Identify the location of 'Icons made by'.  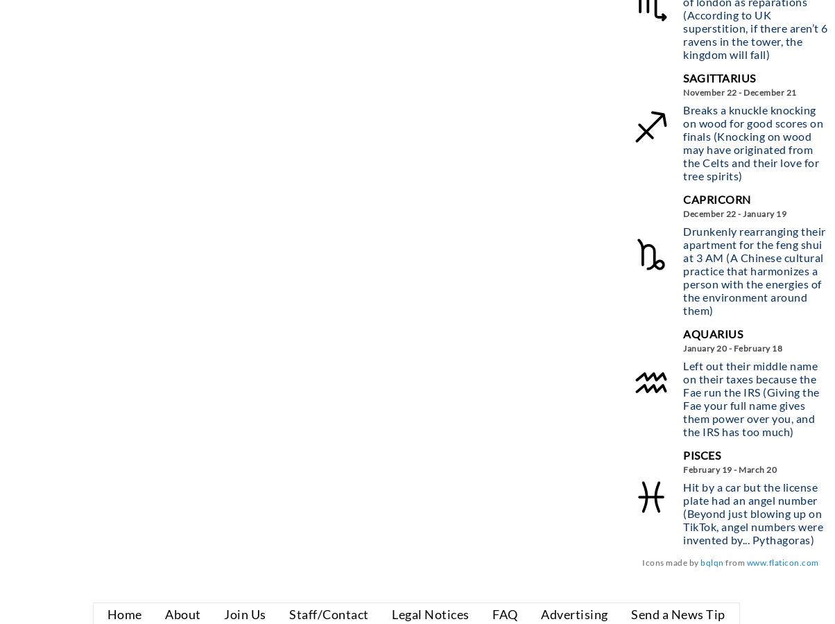
(671, 562).